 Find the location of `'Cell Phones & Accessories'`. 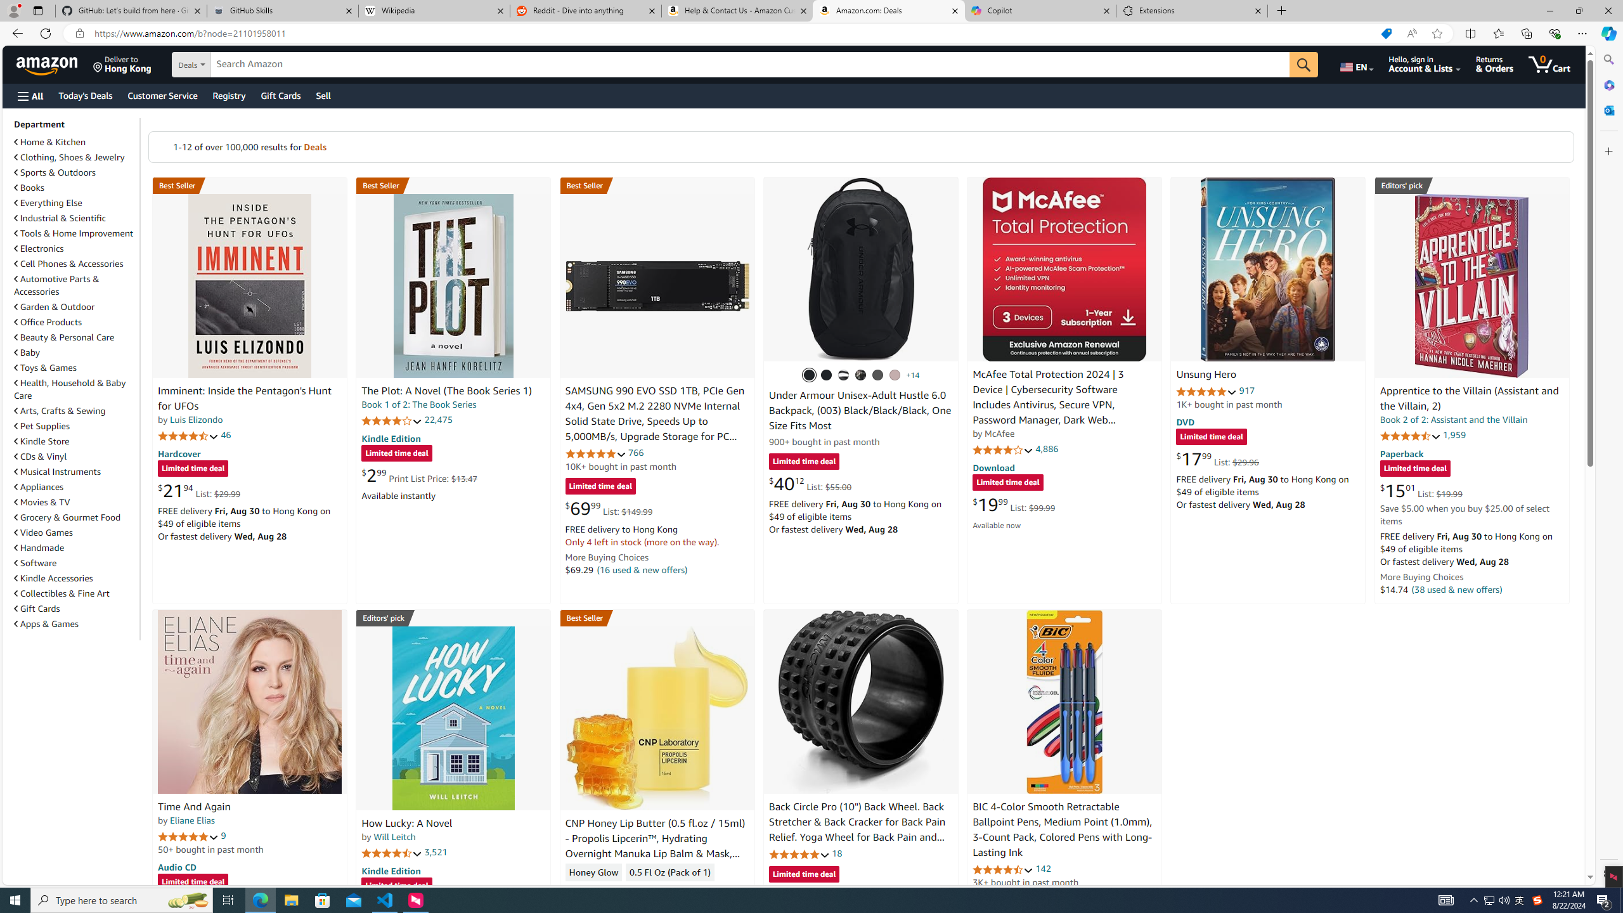

'Cell Phones & Accessories' is located at coordinates (75, 263).